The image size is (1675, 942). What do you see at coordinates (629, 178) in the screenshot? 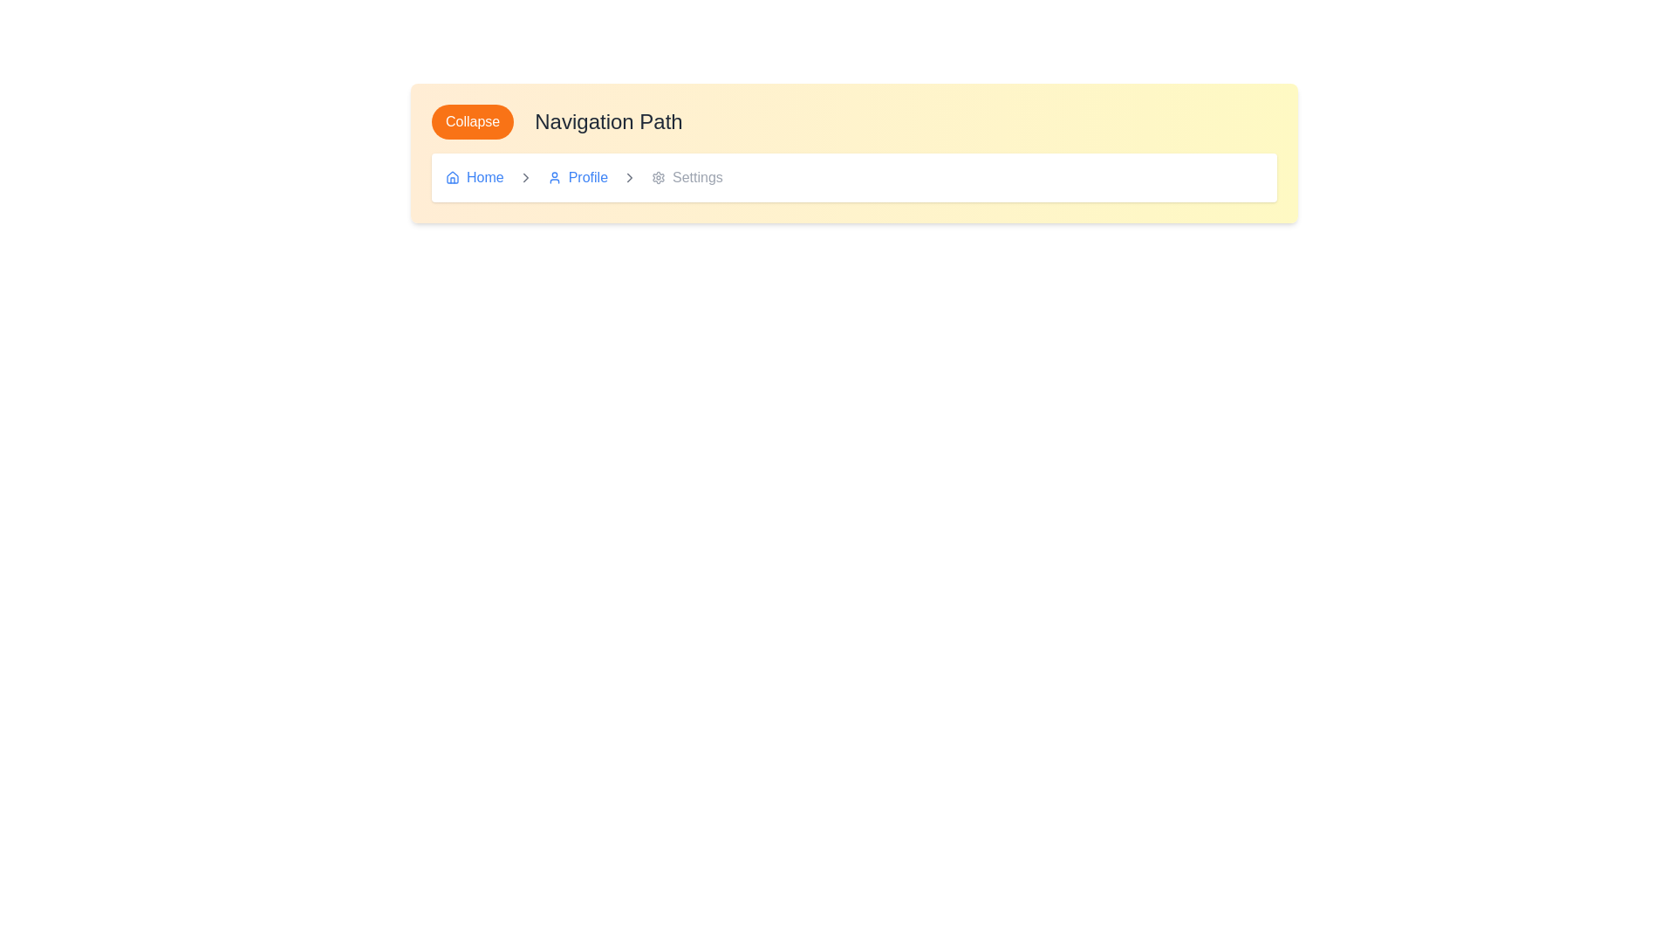
I see `the progression icon located between the 'Profile' and 'Settings' labels in the breadcrumb navigation bar` at bounding box center [629, 178].